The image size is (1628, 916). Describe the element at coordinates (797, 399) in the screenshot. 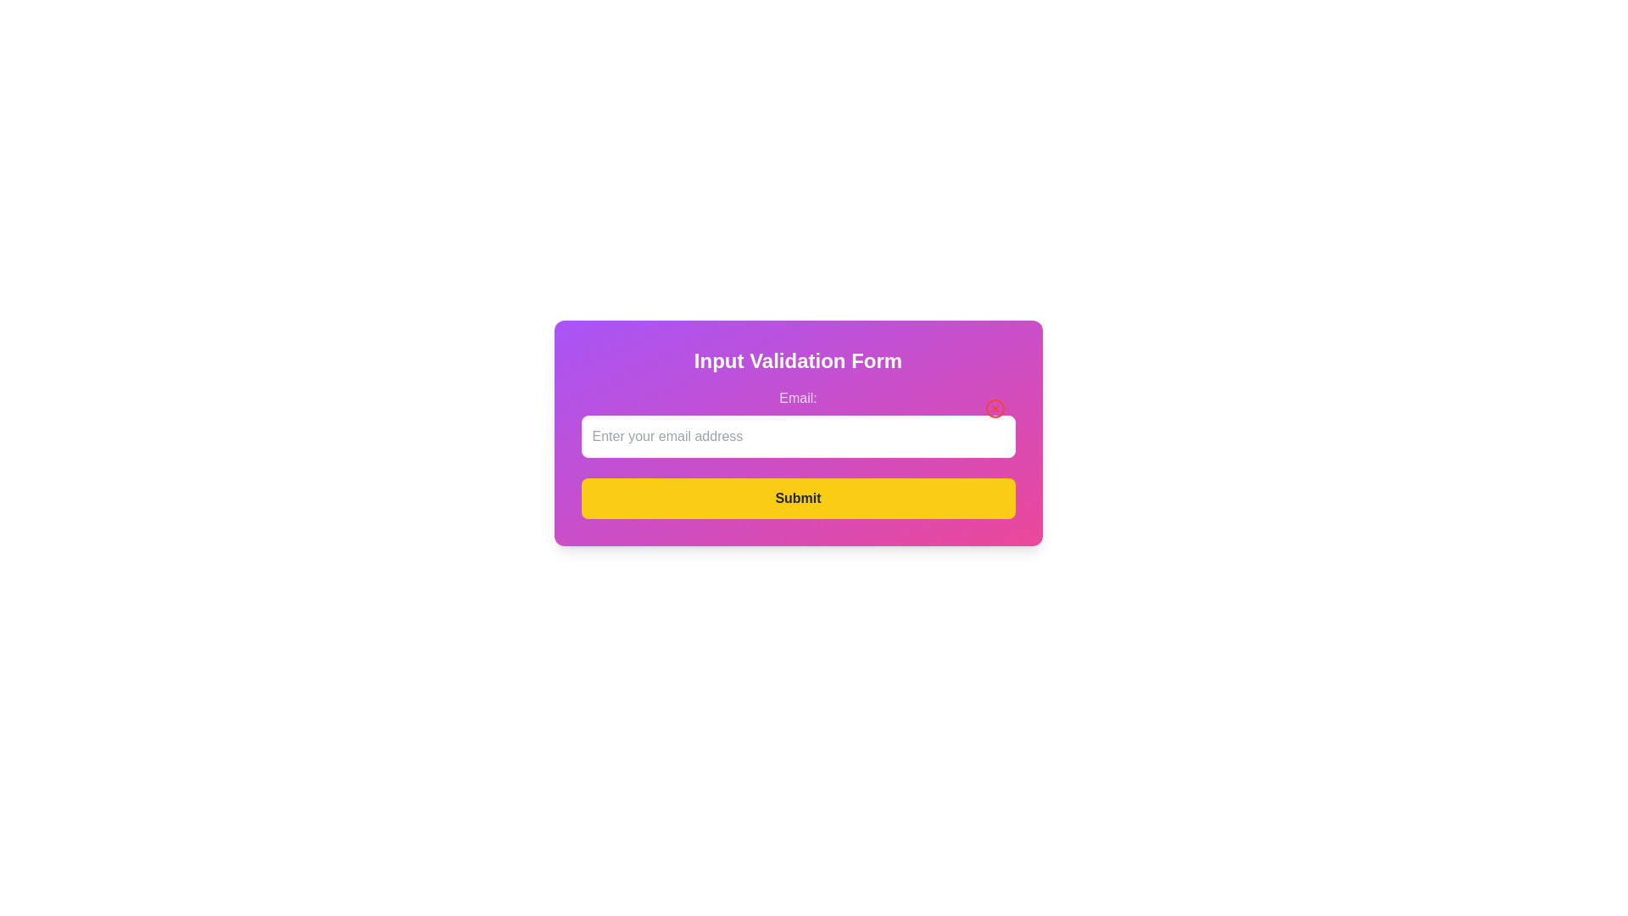

I see `text label displaying 'Email:' that is part of a form, positioned above the email input field` at that location.